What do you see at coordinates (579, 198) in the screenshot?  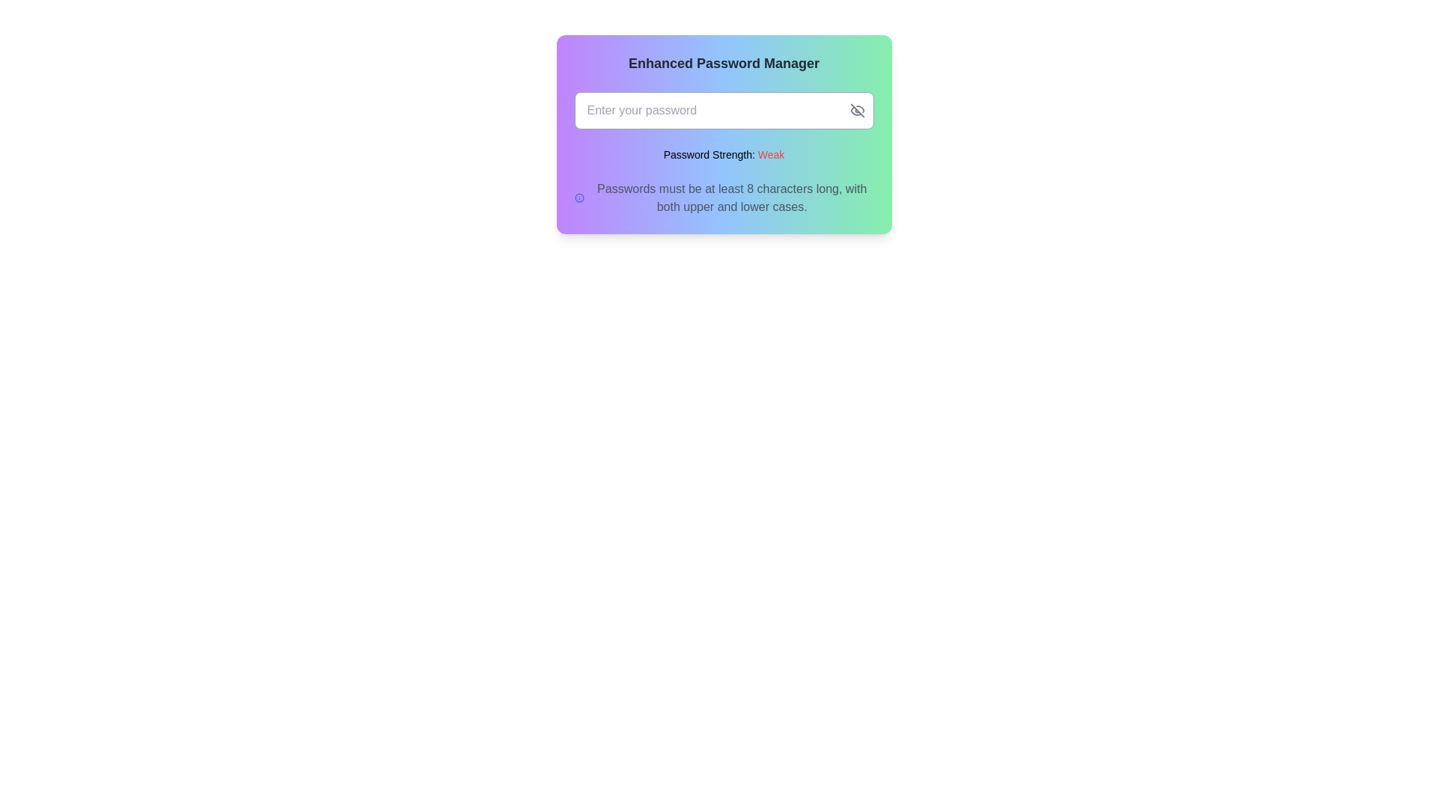 I see `the small circular information icon with a blue outline located to the left of the text 'Passwords must be at least 8 characters long, with both upper and lower cases.'` at bounding box center [579, 198].